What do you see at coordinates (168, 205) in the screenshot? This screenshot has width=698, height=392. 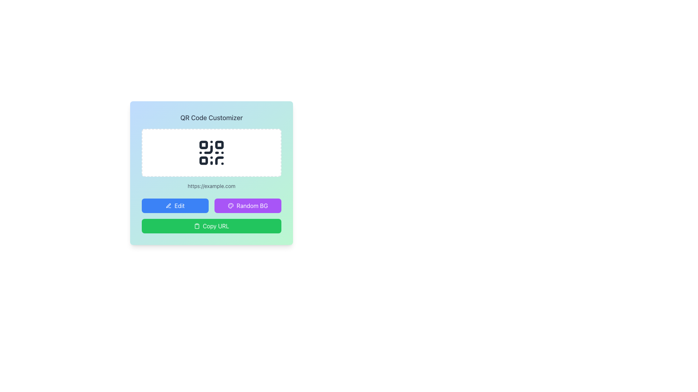 I see `the Edit icon (SVG graphic) which is part of an interactive button or link, located to the left of the label 'Edit'` at bounding box center [168, 205].